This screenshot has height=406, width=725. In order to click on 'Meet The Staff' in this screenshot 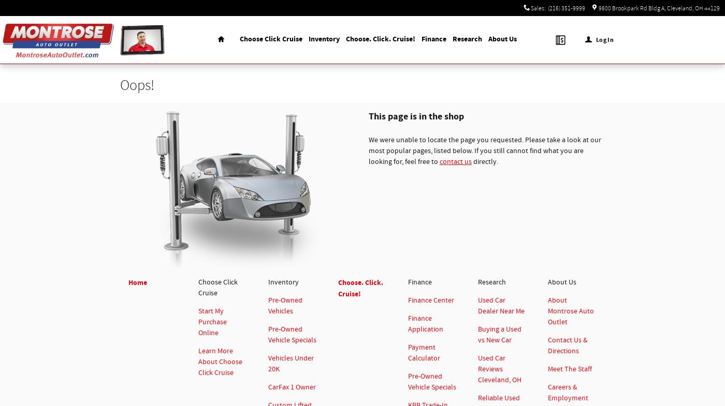, I will do `click(547, 369)`.